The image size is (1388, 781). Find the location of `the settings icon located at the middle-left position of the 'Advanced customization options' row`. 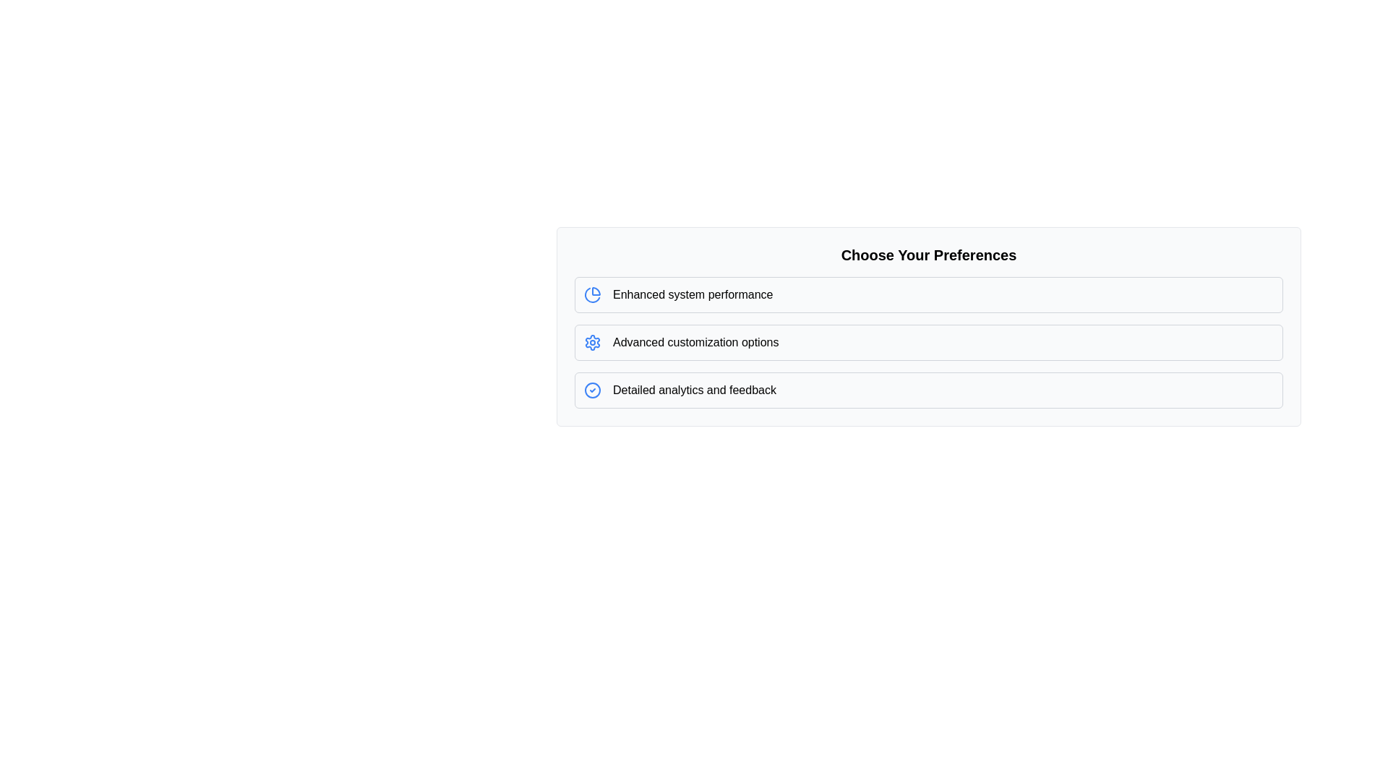

the settings icon located at the middle-left position of the 'Advanced customization options' row is located at coordinates (593, 343).